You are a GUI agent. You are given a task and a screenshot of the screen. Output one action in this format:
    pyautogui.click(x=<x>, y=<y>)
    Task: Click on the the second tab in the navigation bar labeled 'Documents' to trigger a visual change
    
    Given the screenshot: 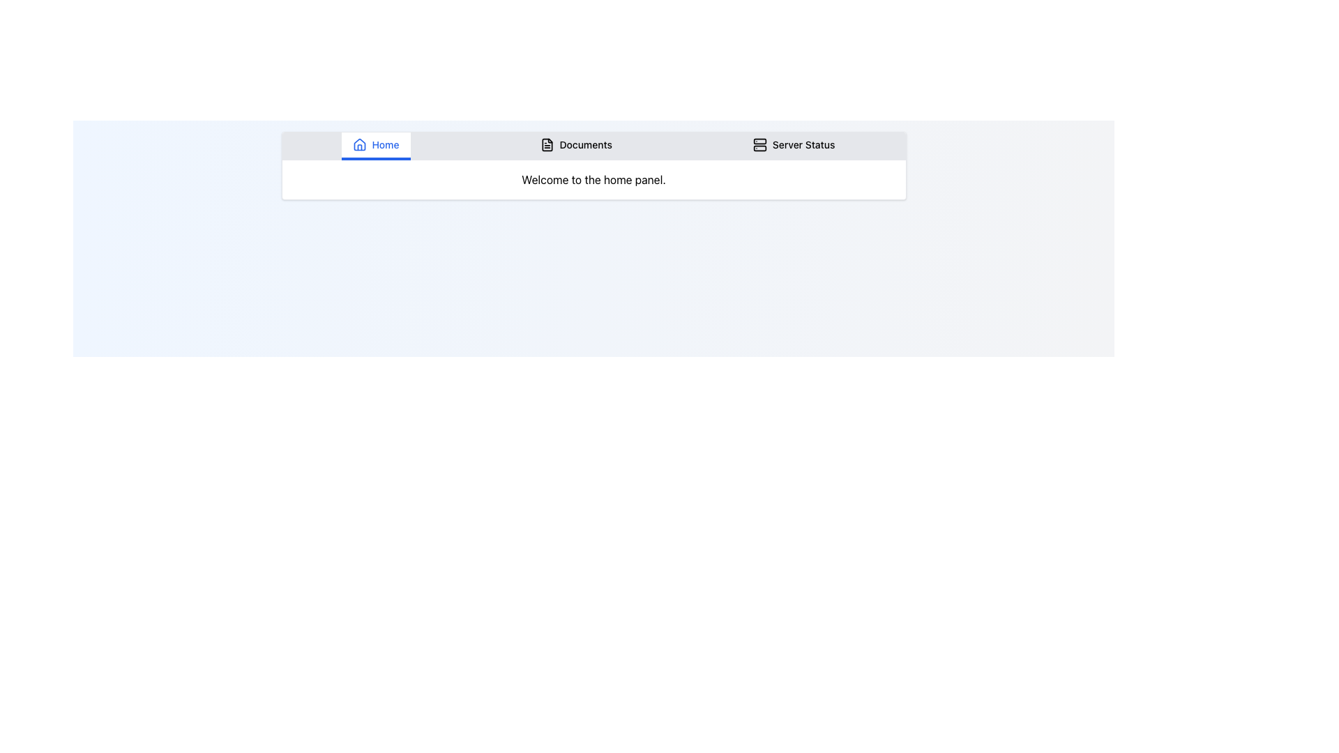 What is the action you would take?
    pyautogui.click(x=576, y=146)
    